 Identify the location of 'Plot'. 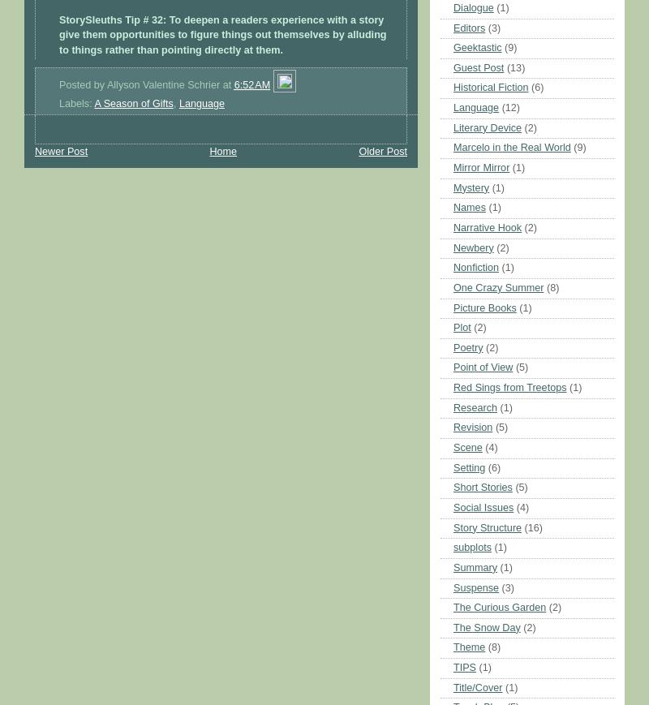
(461, 326).